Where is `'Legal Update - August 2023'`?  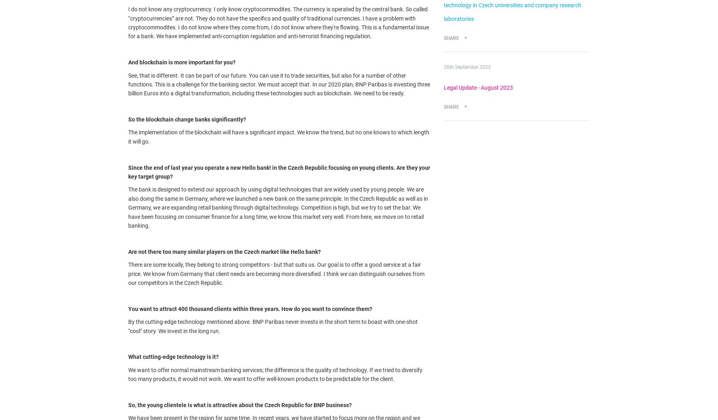 'Legal Update - August 2023' is located at coordinates (478, 87).